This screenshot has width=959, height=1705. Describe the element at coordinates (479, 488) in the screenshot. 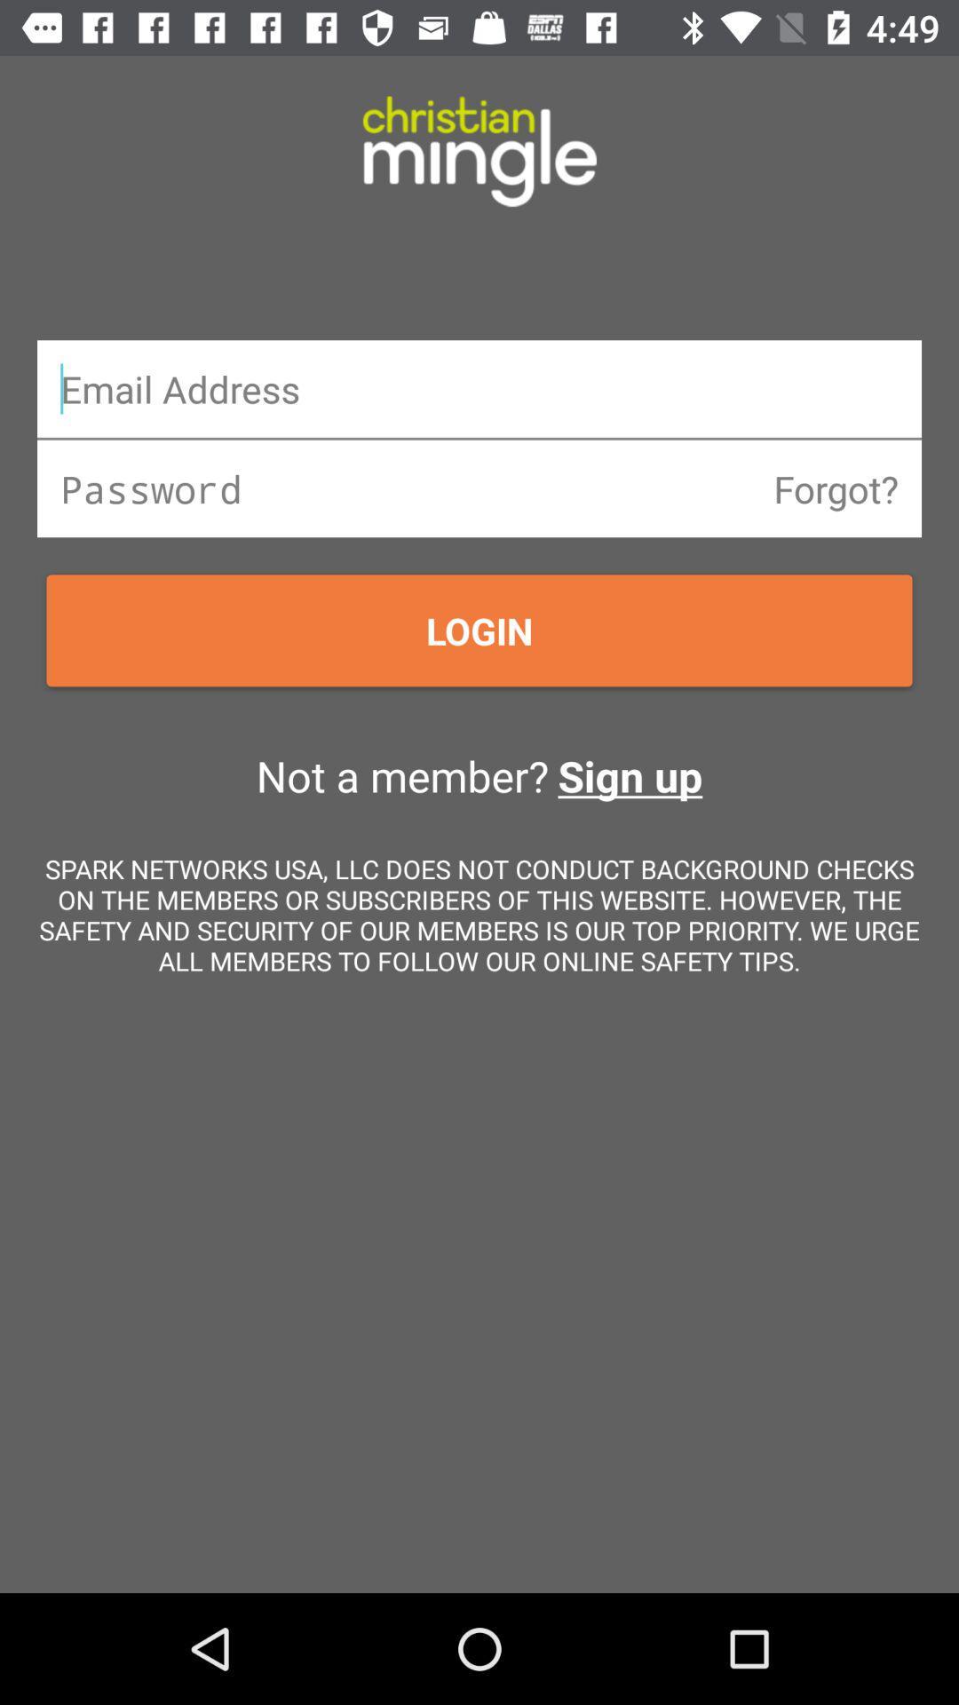

I see `your password` at that location.